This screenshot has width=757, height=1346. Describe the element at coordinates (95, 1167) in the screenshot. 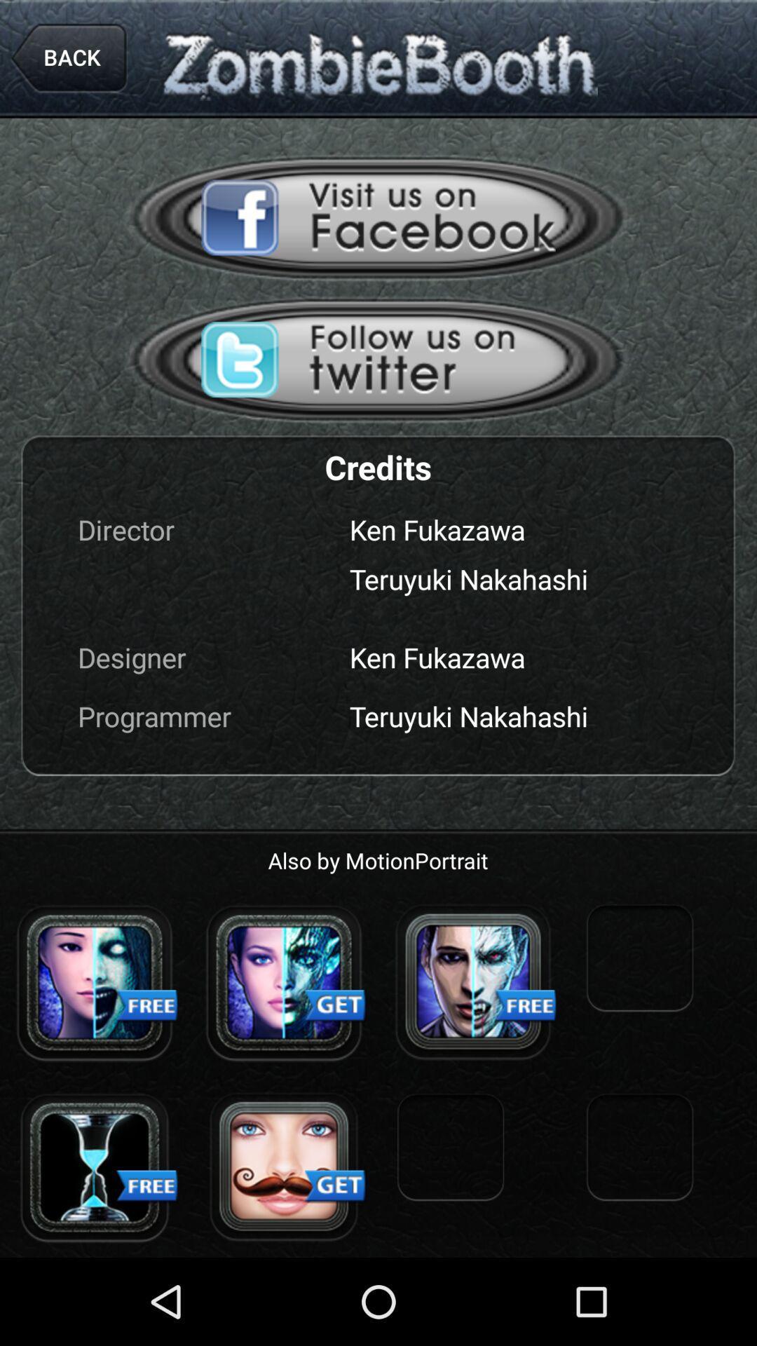

I see `time` at that location.